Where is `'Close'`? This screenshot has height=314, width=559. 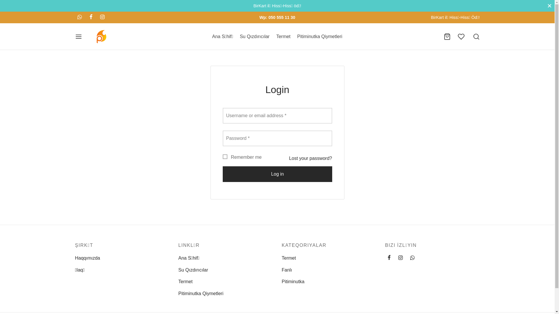 'Close' is located at coordinates (547, 6).